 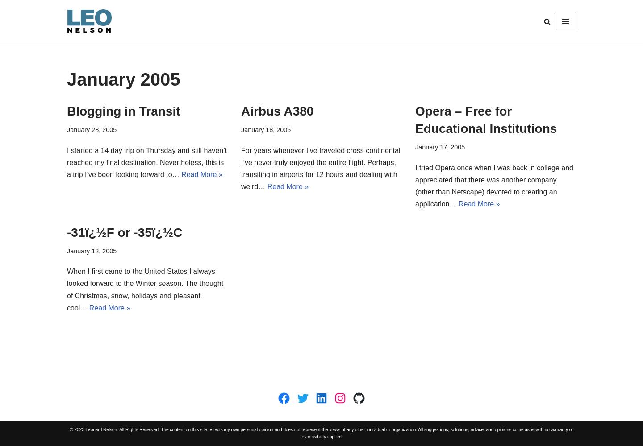 What do you see at coordinates (92, 251) in the screenshot?
I see `'January 12, 2005'` at bounding box center [92, 251].